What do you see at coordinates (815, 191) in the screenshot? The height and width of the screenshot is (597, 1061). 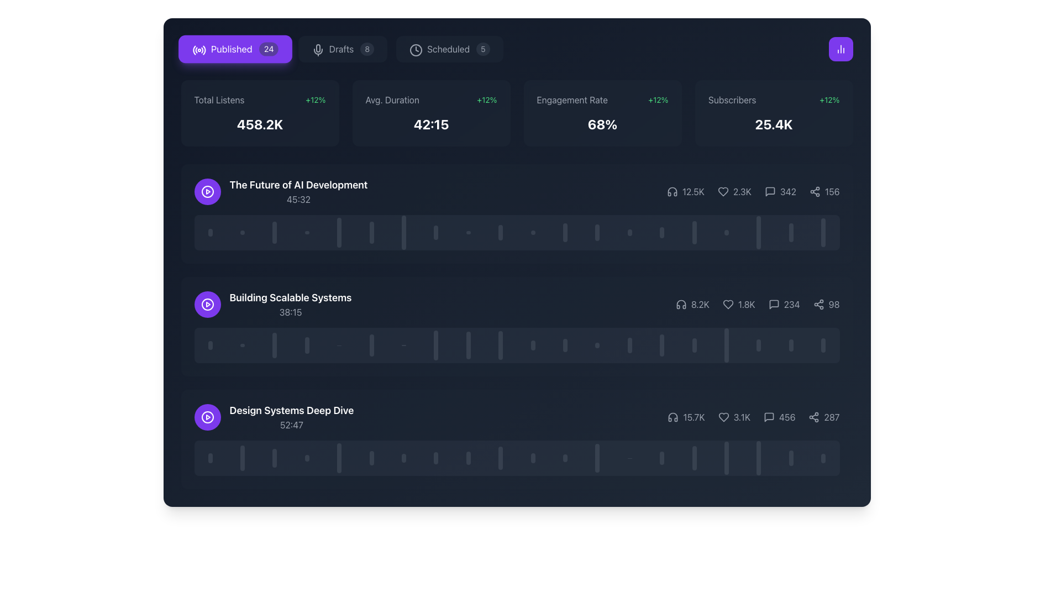 I see `the sharing icon, which features a three-node connected structure, located to the right of the comment and like icons` at bounding box center [815, 191].